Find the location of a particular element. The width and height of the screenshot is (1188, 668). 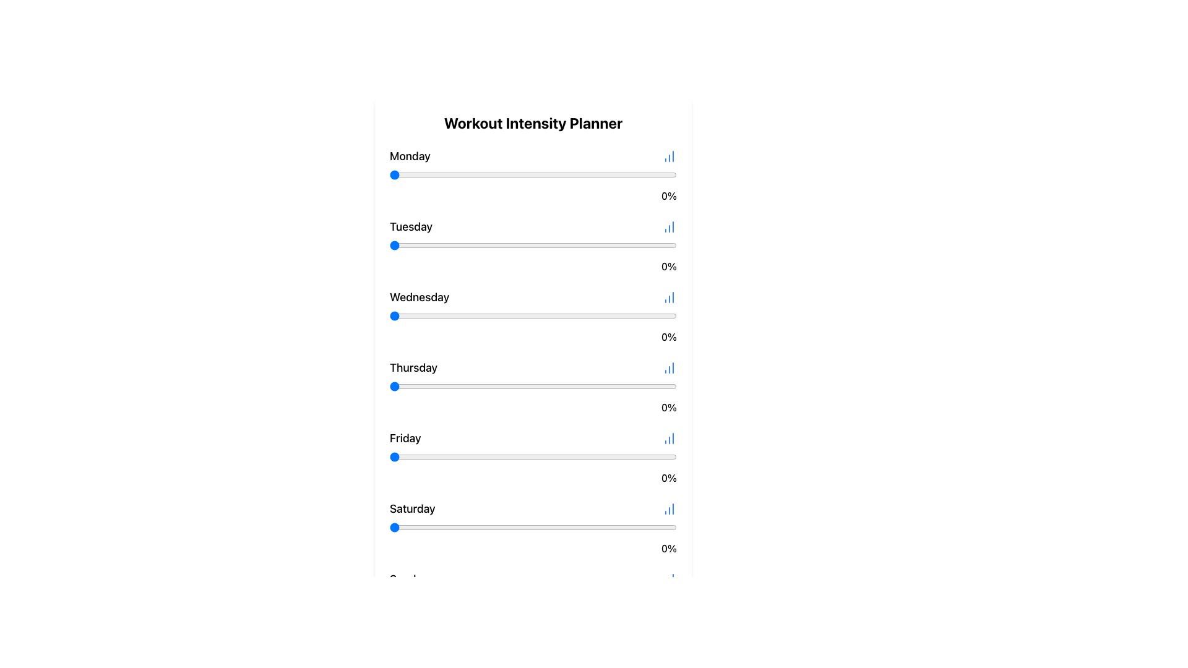

the intensity for Tuesday is located at coordinates (602, 246).